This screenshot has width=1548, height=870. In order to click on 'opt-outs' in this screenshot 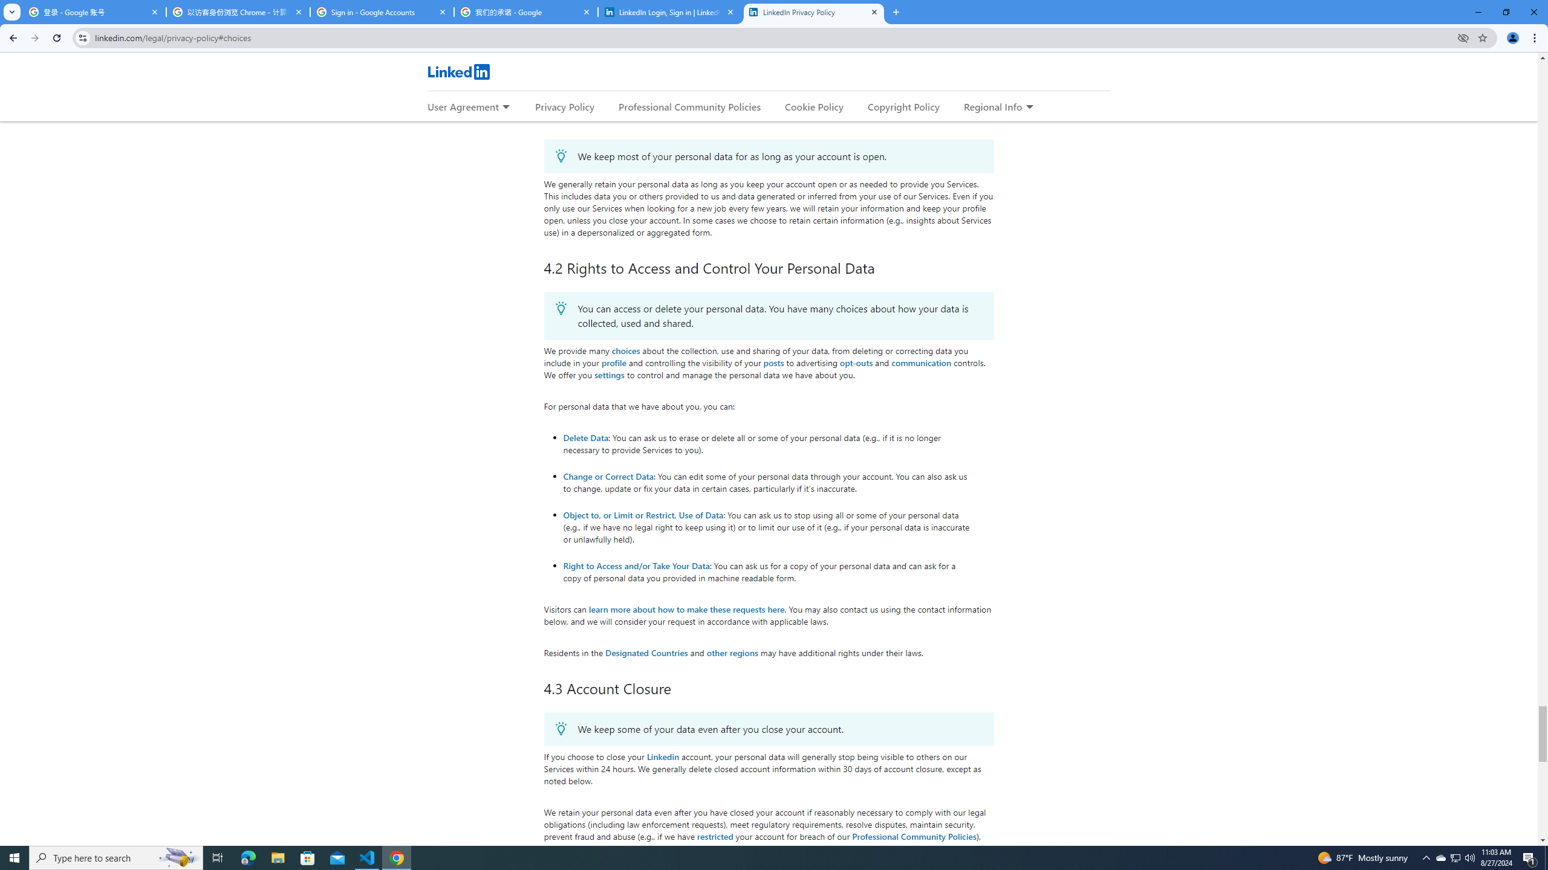, I will do `click(855, 362)`.